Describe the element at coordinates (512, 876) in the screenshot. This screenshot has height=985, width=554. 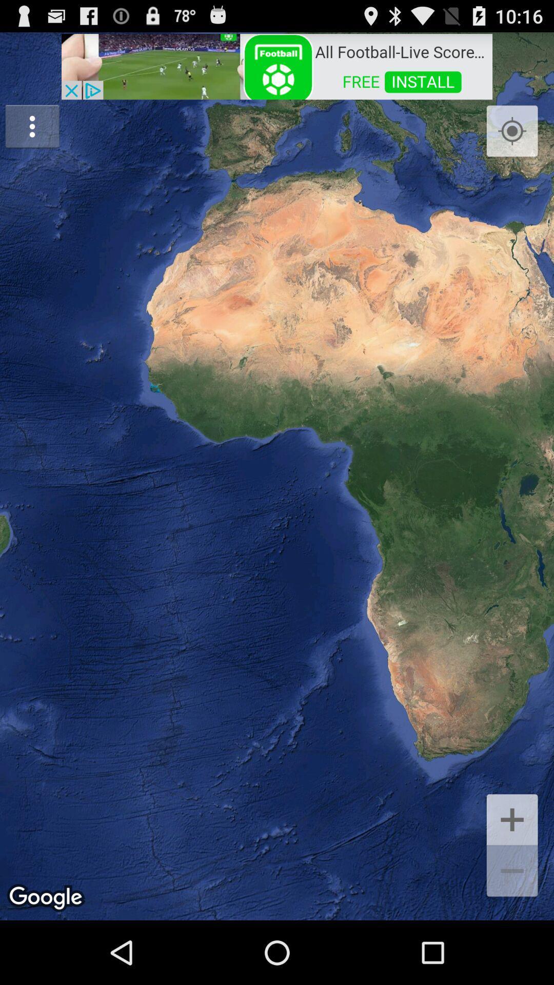
I see `the add icon` at that location.